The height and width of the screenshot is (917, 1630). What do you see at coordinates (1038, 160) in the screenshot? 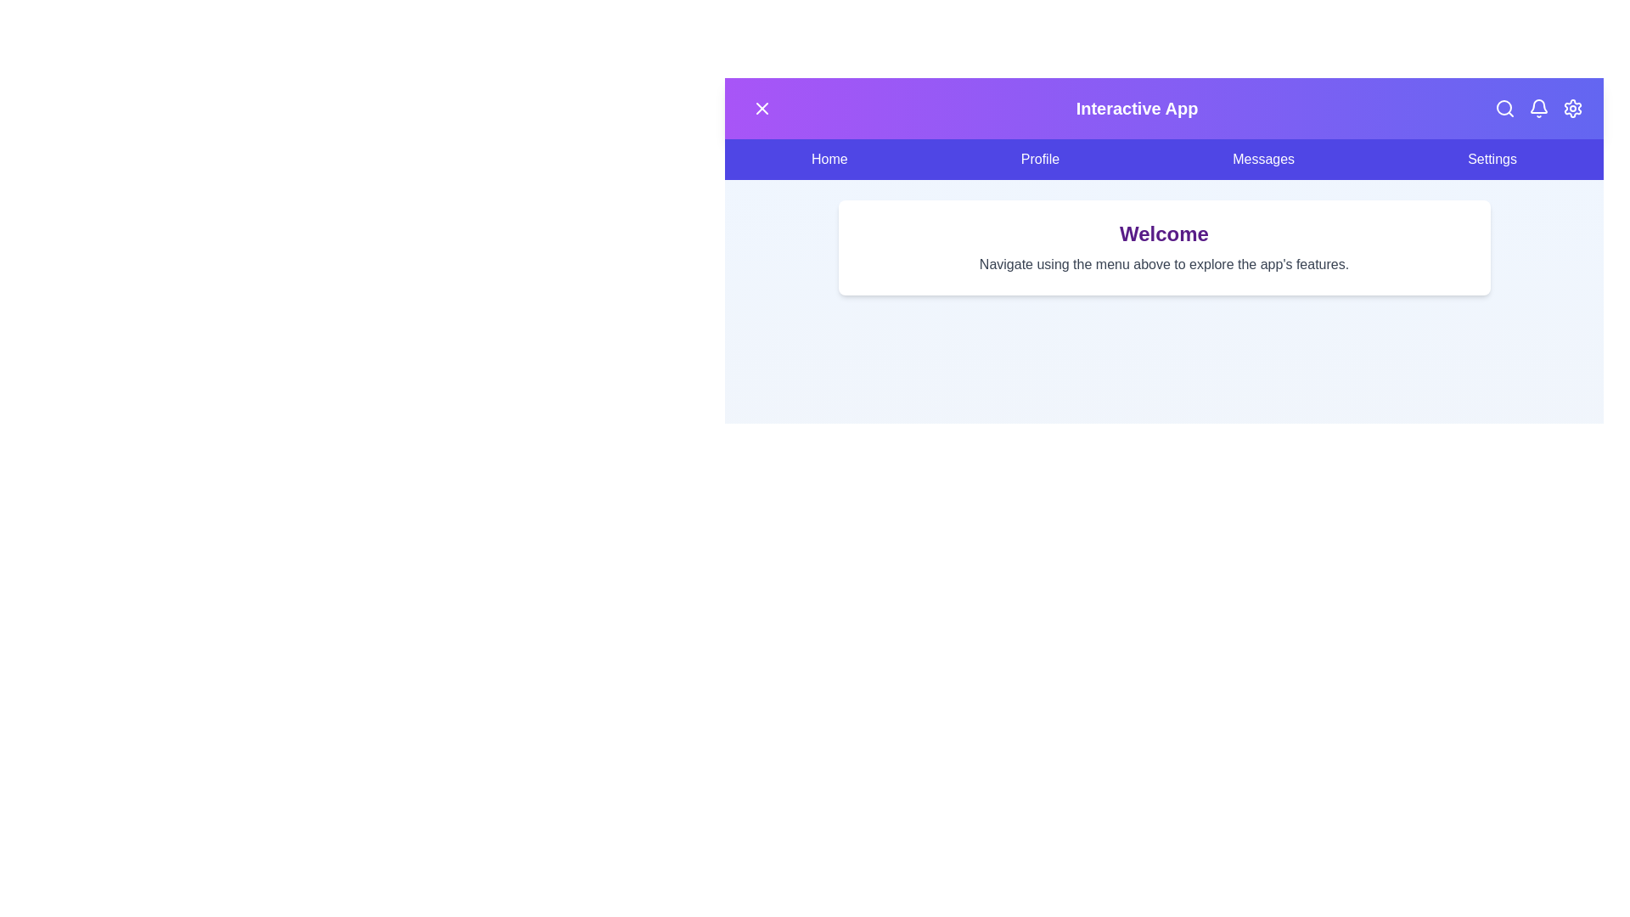
I see `the Profile menu item to navigate to the respective section` at bounding box center [1038, 160].